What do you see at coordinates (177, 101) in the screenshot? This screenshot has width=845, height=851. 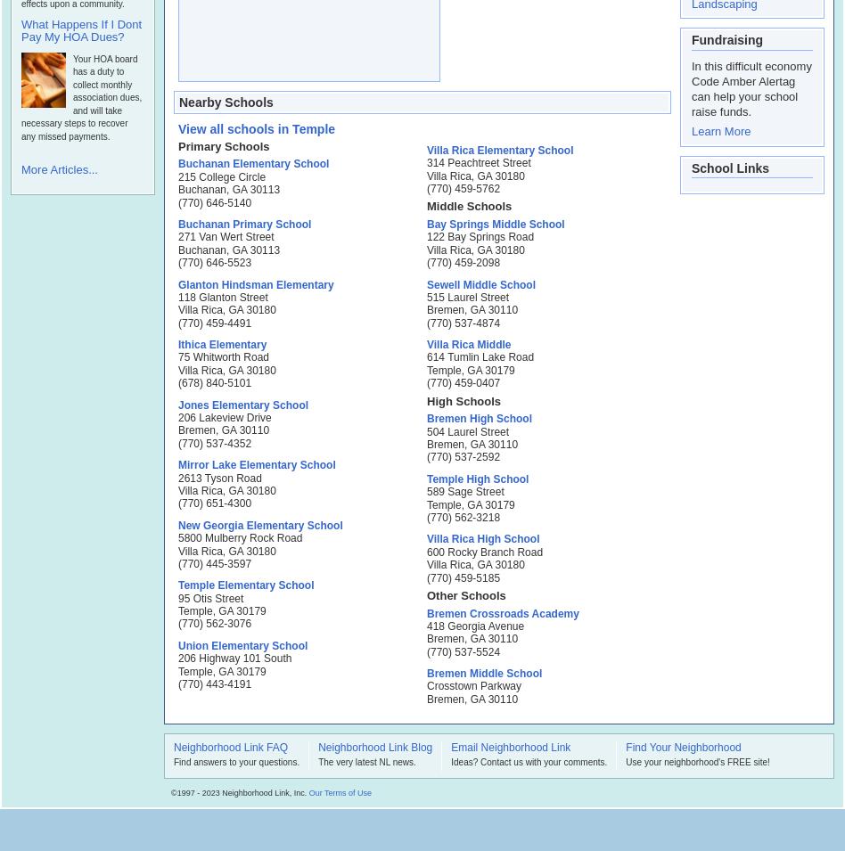 I see `'Nearby Schools'` at bounding box center [177, 101].